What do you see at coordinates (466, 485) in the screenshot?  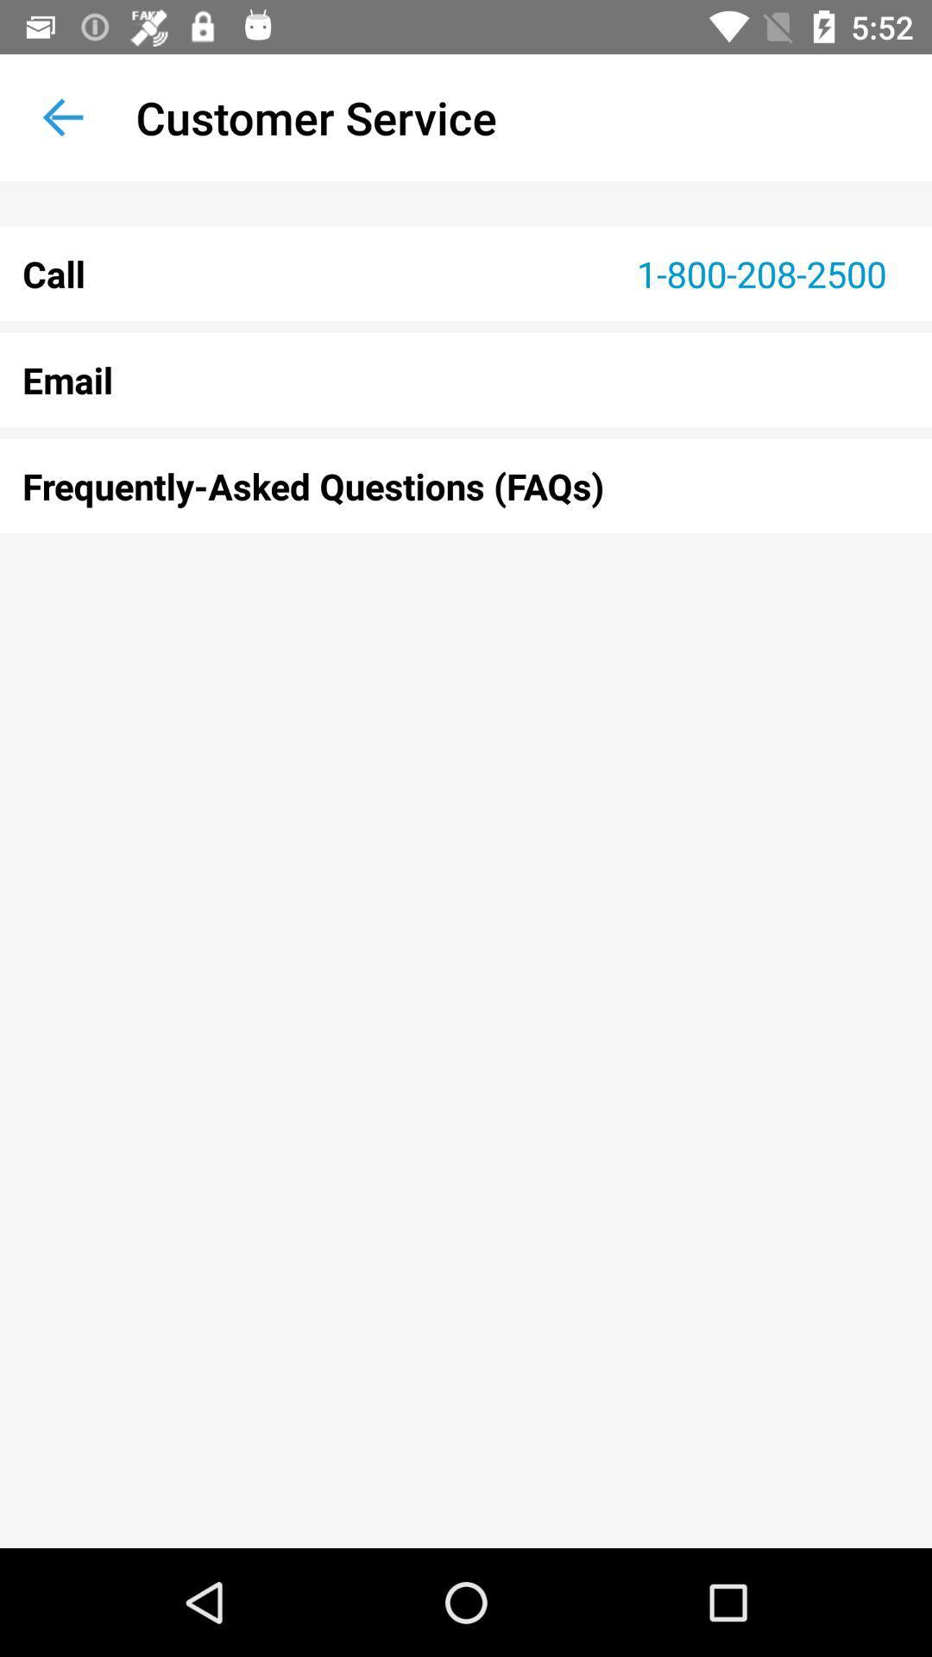 I see `item below the email item` at bounding box center [466, 485].